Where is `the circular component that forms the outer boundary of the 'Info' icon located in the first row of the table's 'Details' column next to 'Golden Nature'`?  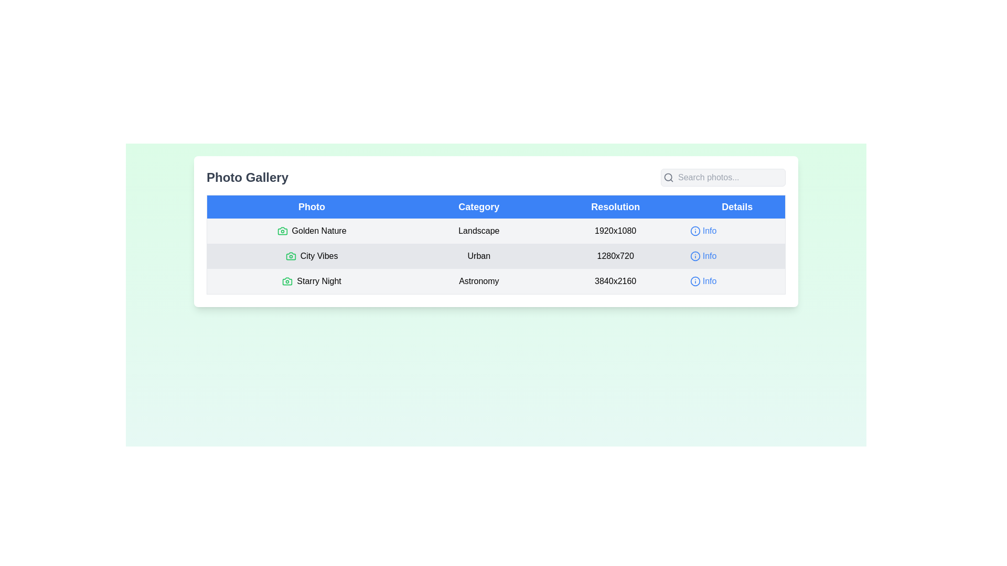
the circular component that forms the outer boundary of the 'Info' icon located in the first row of the table's 'Details' column next to 'Golden Nature' is located at coordinates (695, 230).